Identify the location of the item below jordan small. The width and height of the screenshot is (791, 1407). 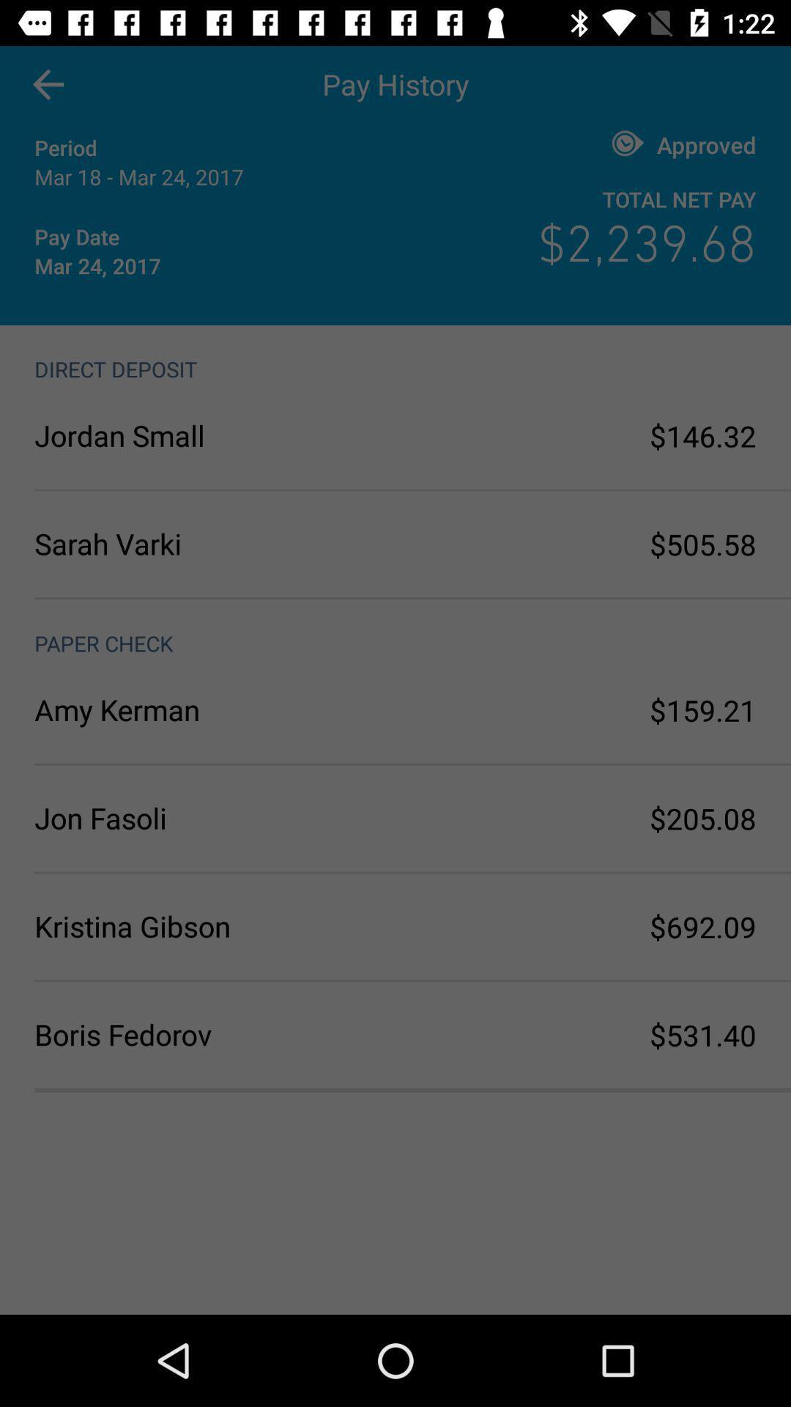
(215, 543).